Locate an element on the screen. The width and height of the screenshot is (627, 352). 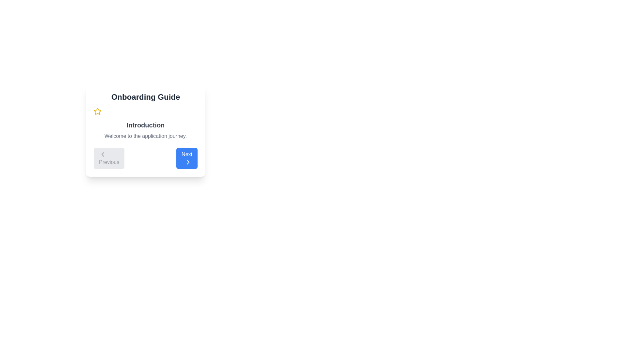
the decorative star icon located at the top-left corner of the onboarding guide box is located at coordinates (97, 111).